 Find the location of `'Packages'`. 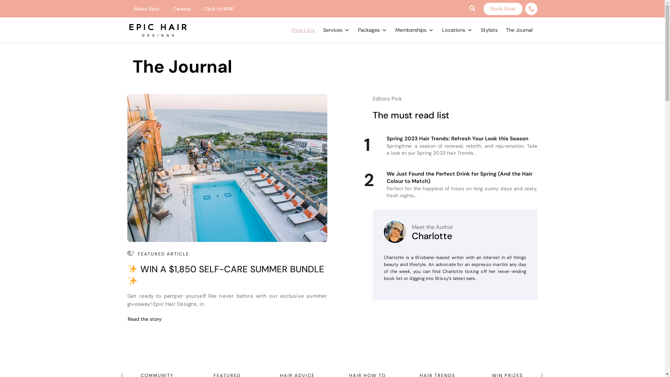

'Packages' is located at coordinates (353, 30).